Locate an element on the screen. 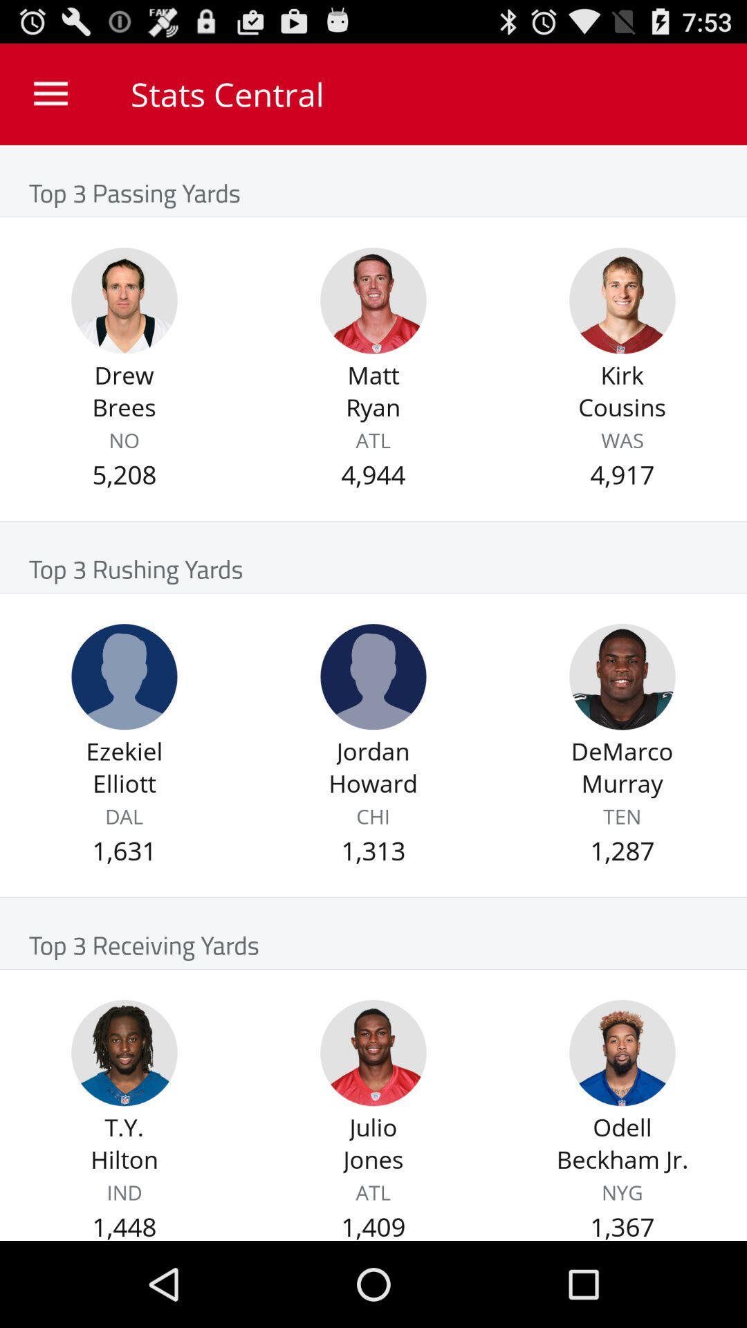  this player is located at coordinates (373, 1052).